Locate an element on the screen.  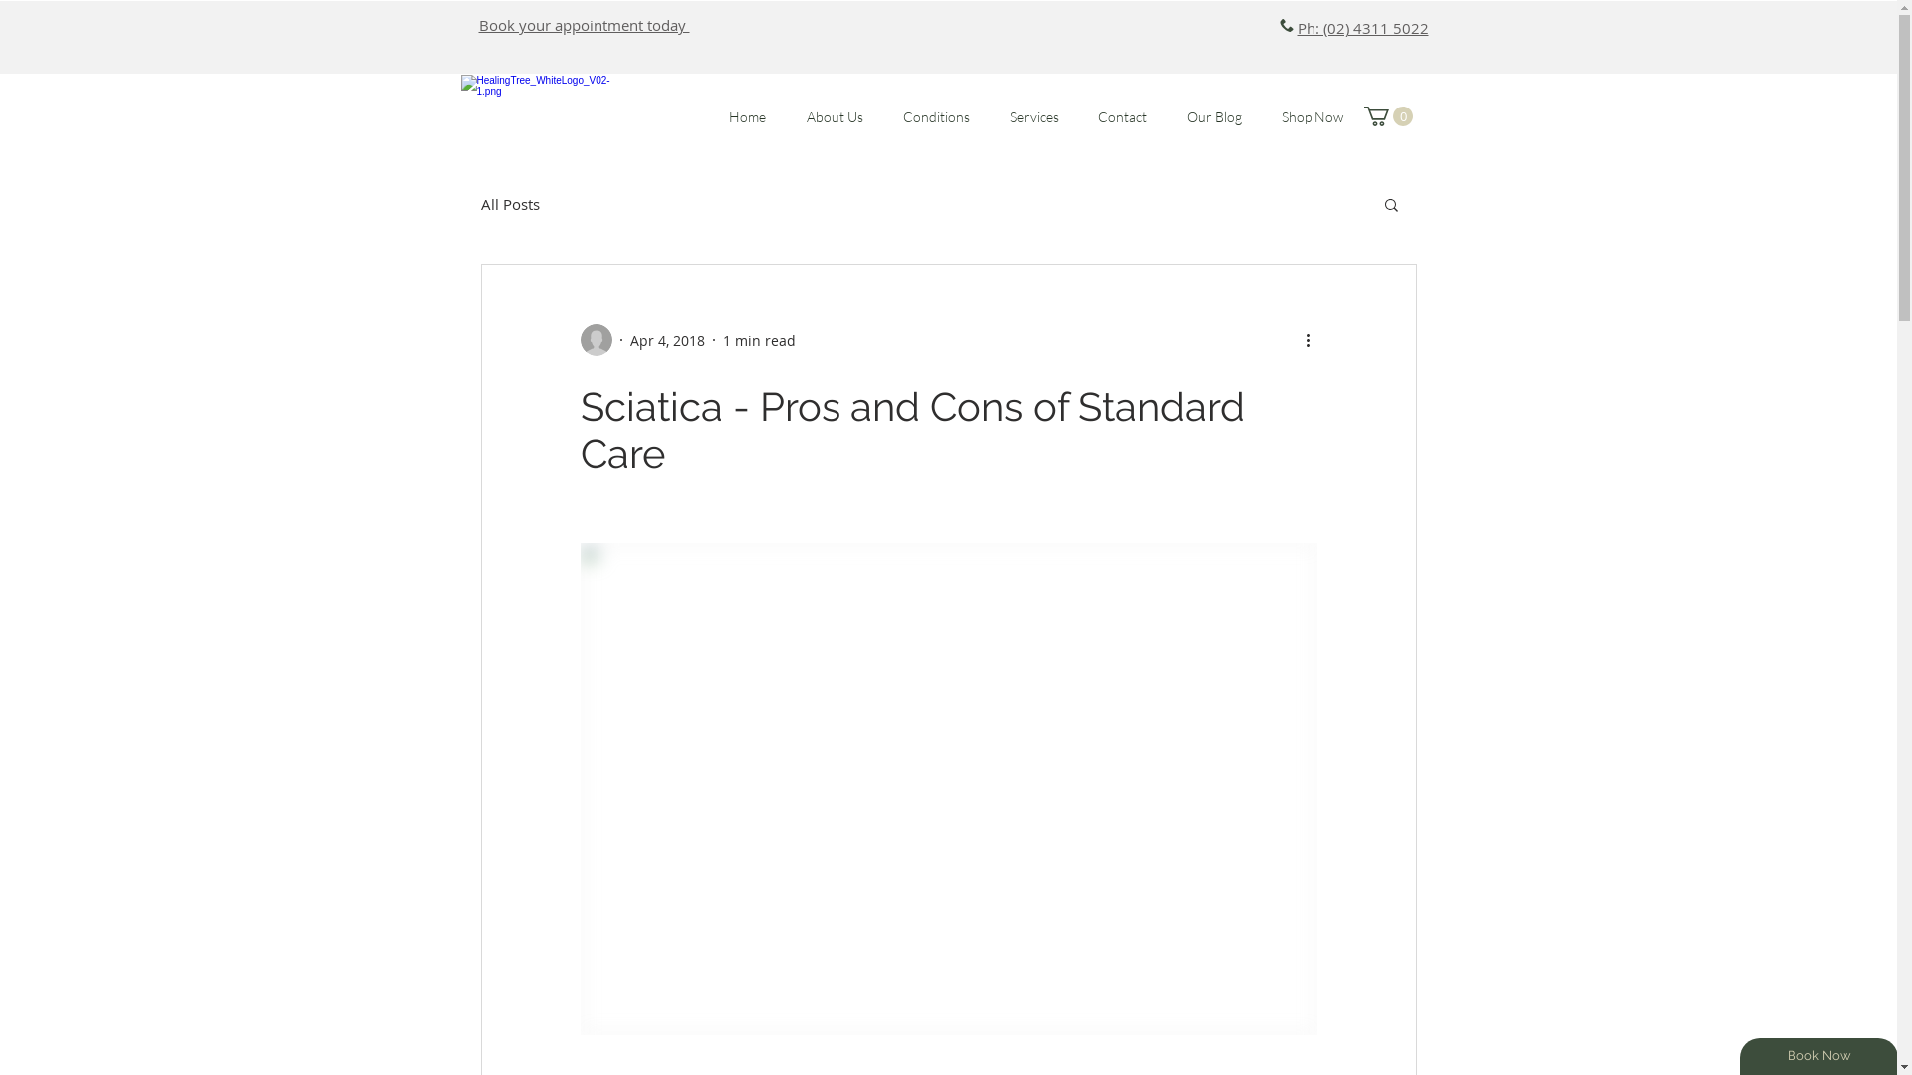
'All Posts' is located at coordinates (479, 203).